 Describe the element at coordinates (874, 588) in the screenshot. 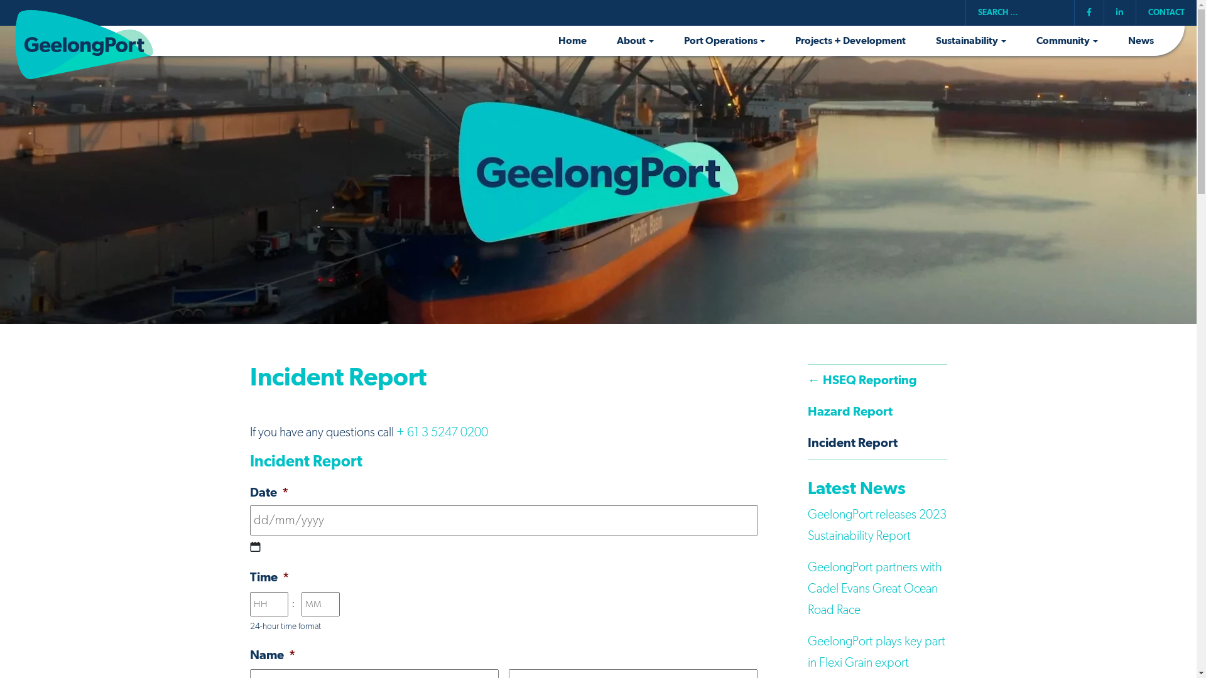

I see `'GeelongPort partners with Cadel Evans Great Ocean Road Race'` at that location.